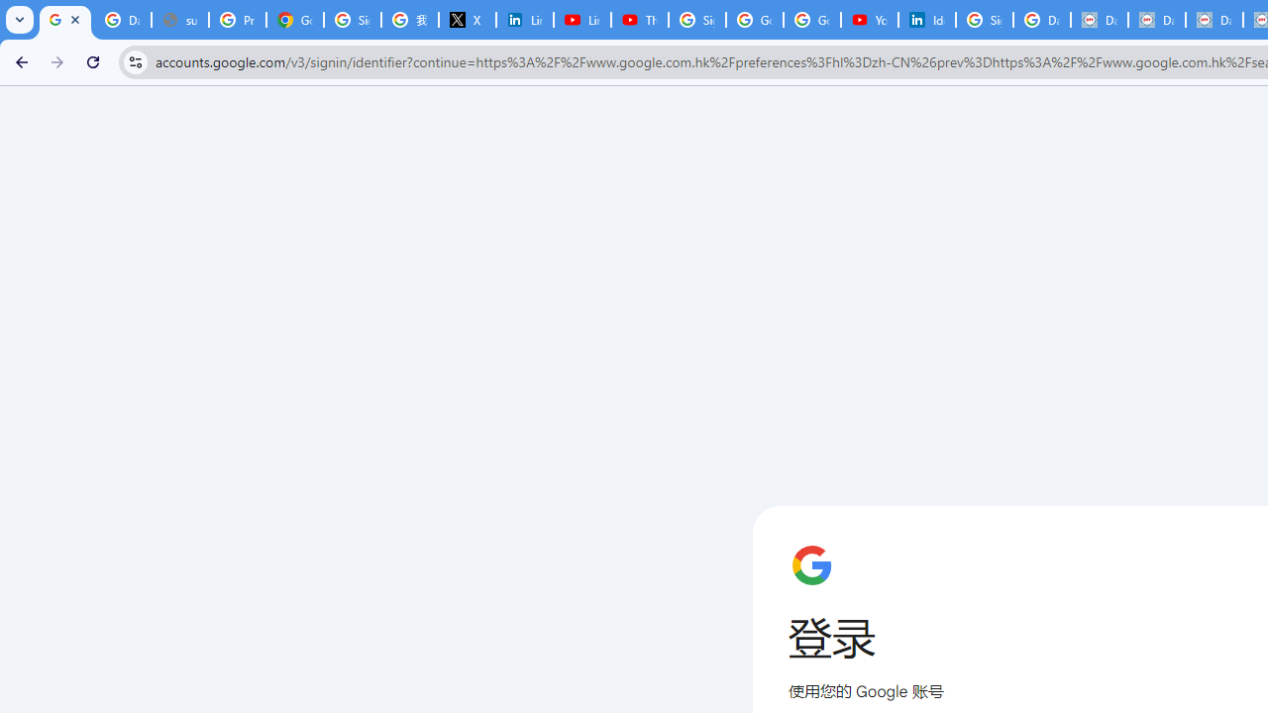 This screenshot has width=1268, height=713. I want to click on 'support.google.com - Network error', so click(179, 20).